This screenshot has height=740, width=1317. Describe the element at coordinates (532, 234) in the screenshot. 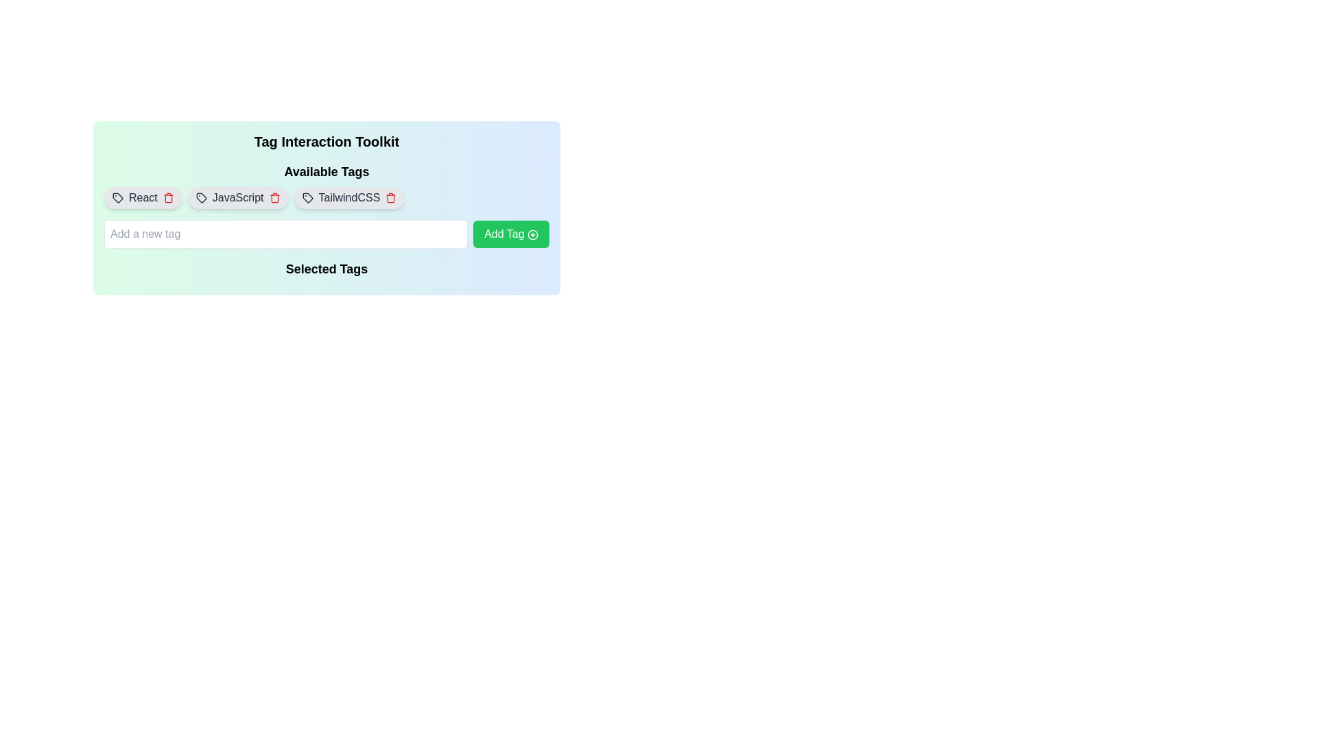

I see `the round green icon with a plus sign, located at the top-right corner of the 'Add Tag' button, to possibly display a tooltip` at that location.